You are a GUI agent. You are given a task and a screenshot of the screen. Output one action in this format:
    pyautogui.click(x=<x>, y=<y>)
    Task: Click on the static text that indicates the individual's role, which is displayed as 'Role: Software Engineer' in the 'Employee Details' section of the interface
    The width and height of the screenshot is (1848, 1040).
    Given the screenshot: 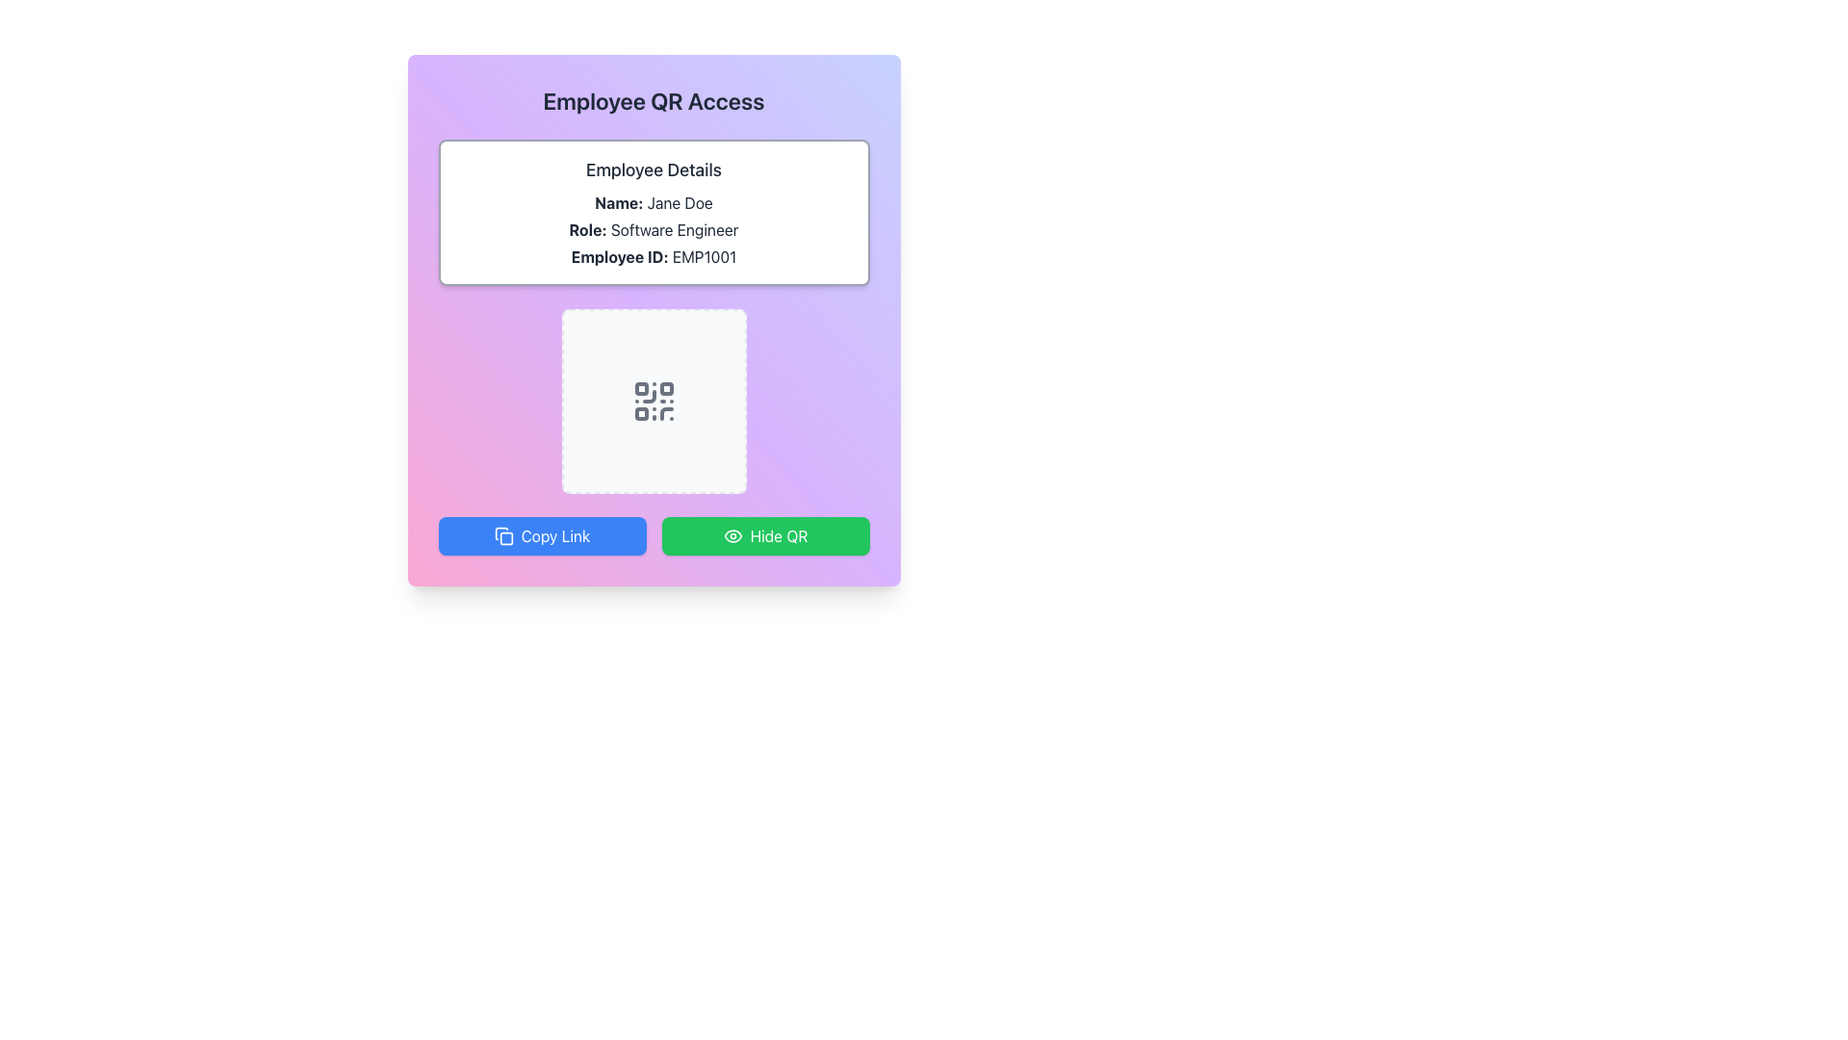 What is the action you would take?
    pyautogui.click(x=654, y=229)
    